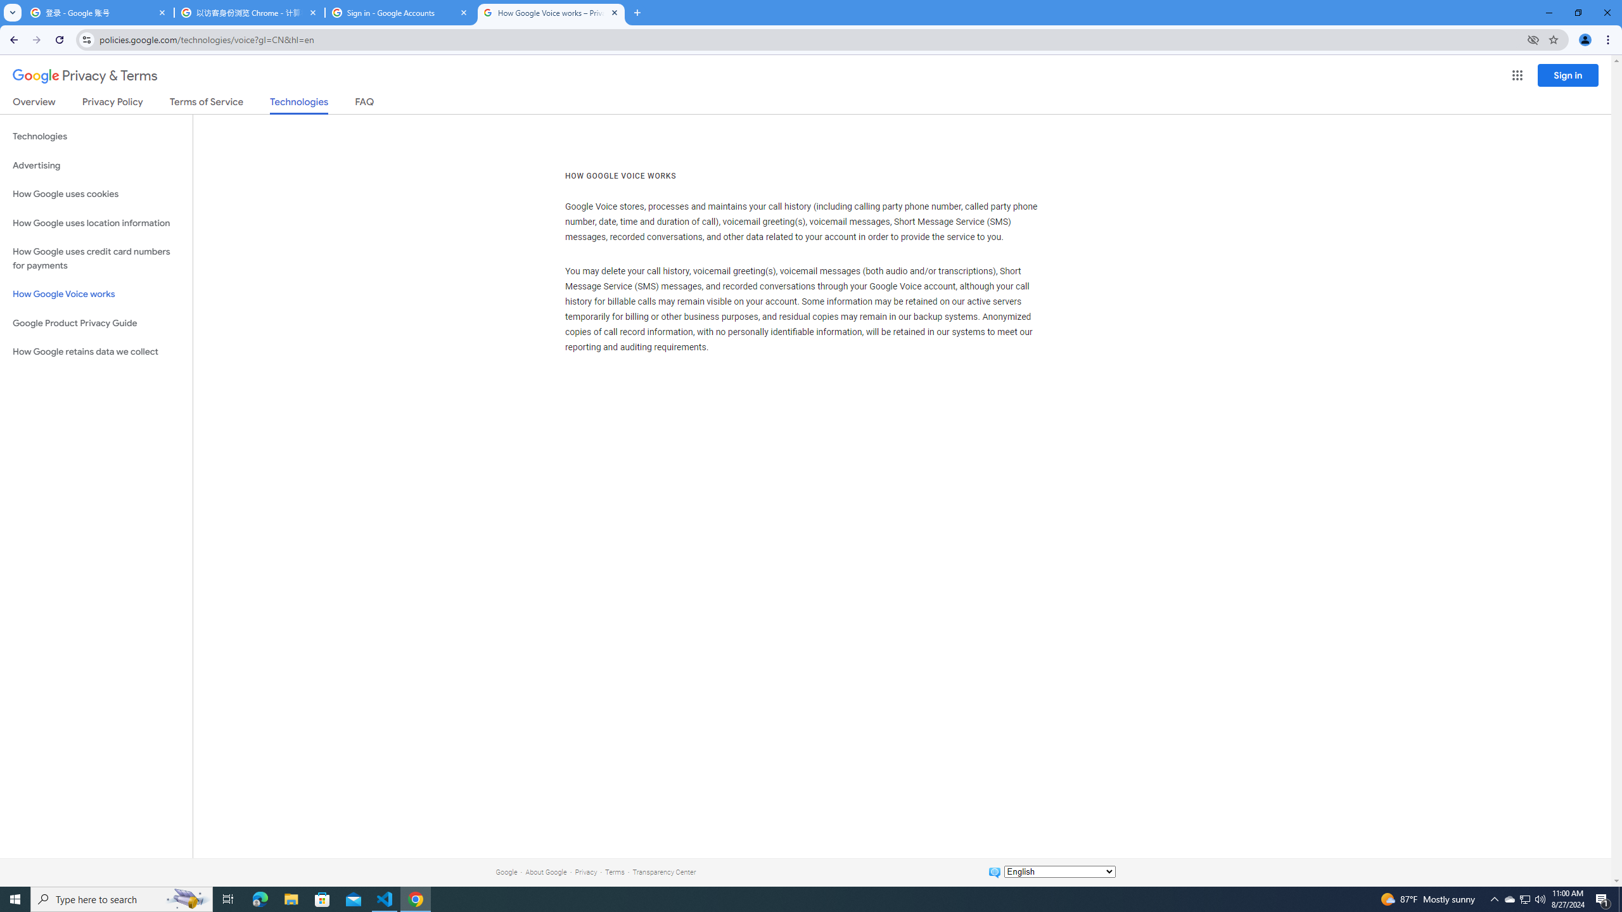  I want to click on 'Sign in - Google Accounts', so click(400, 12).